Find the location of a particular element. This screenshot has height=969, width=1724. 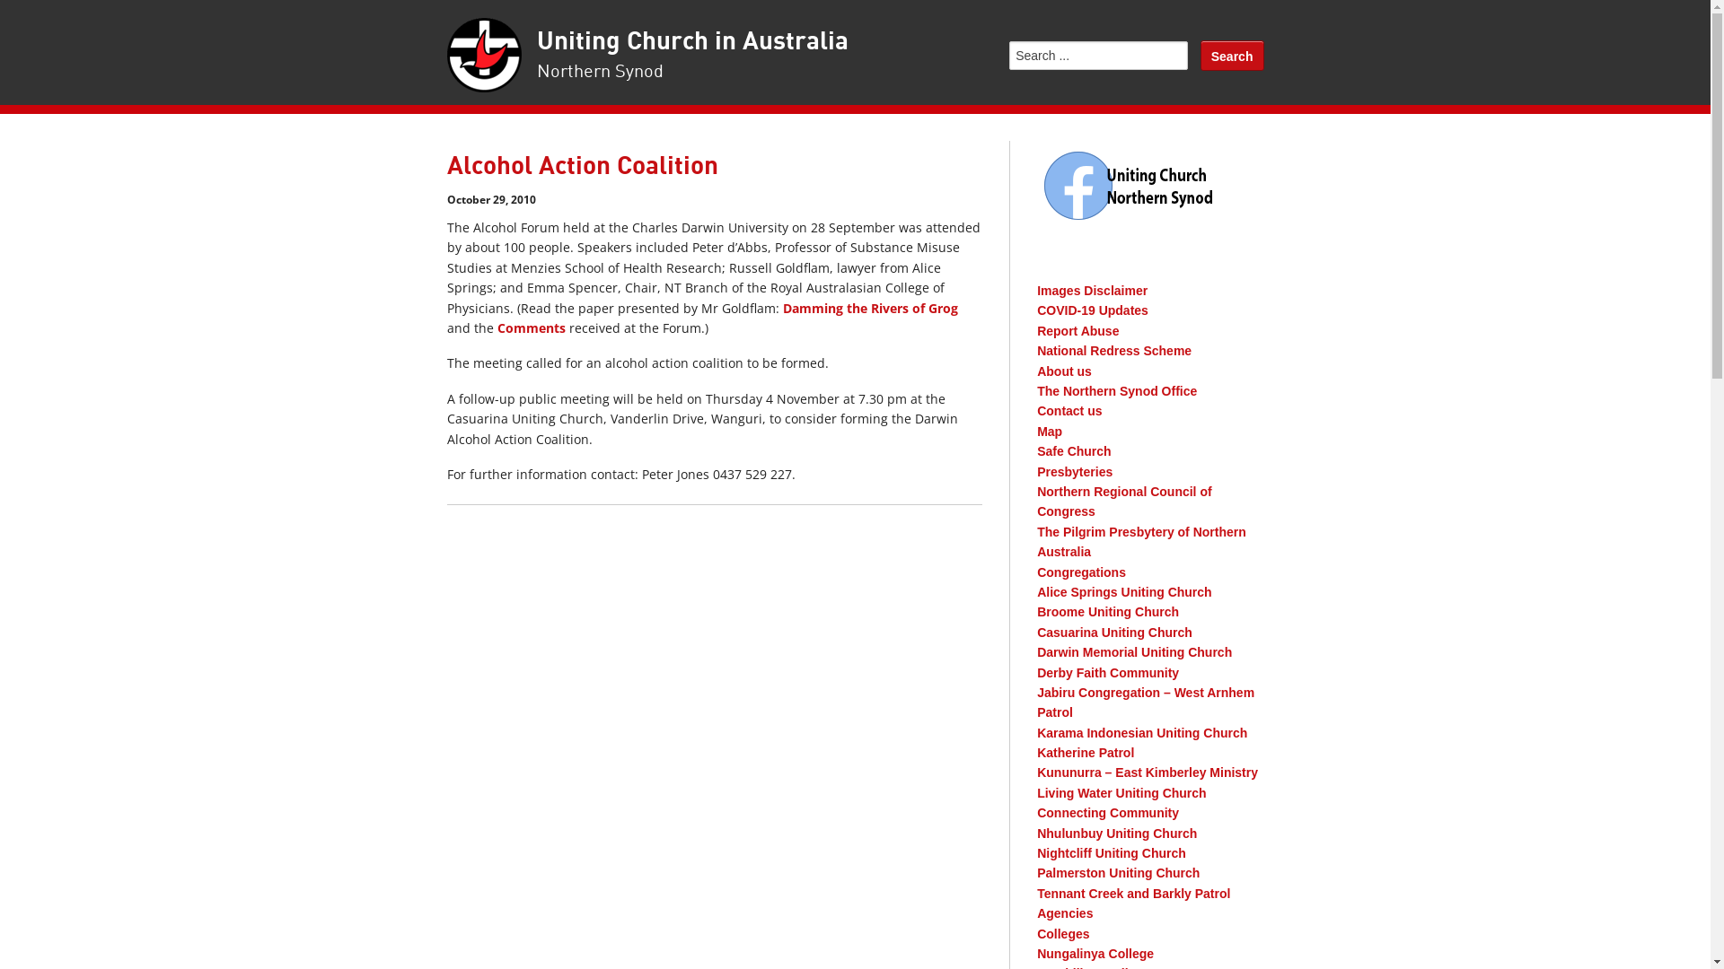

'COVID-19 Updates' is located at coordinates (1092, 310).